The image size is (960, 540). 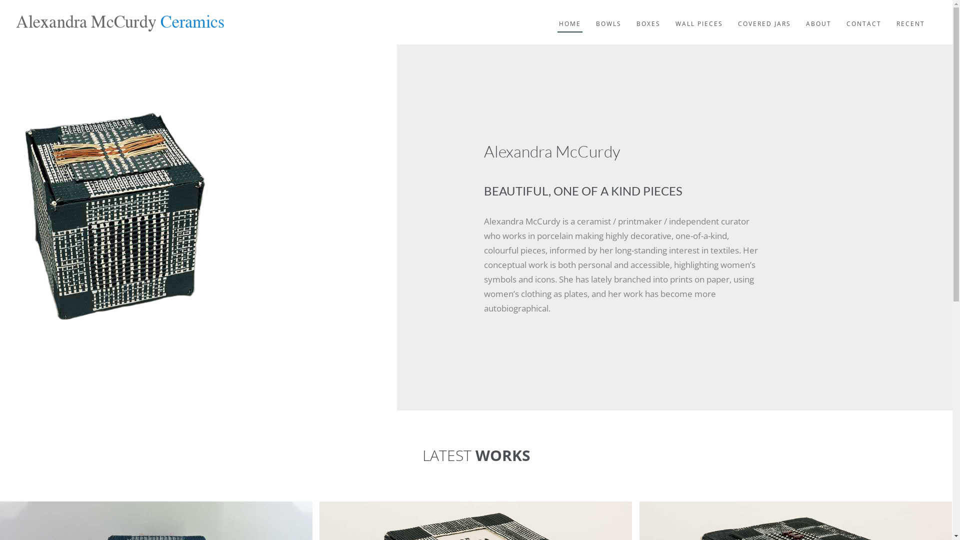 What do you see at coordinates (764, 16) in the screenshot?
I see `'COVERED JARS'` at bounding box center [764, 16].